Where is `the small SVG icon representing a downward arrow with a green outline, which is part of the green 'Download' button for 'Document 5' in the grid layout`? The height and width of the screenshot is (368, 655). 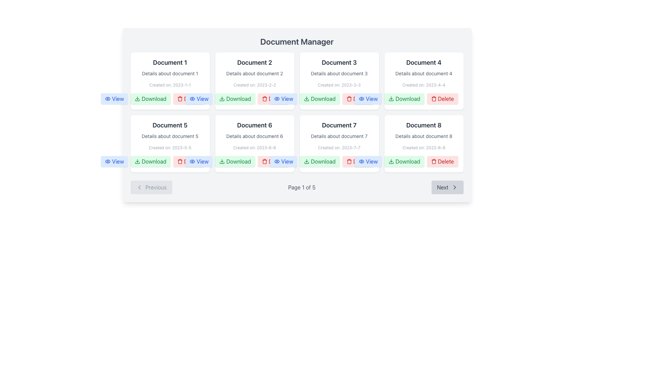 the small SVG icon representing a downward arrow with a green outline, which is part of the green 'Download' button for 'Document 5' in the grid layout is located at coordinates (137, 162).